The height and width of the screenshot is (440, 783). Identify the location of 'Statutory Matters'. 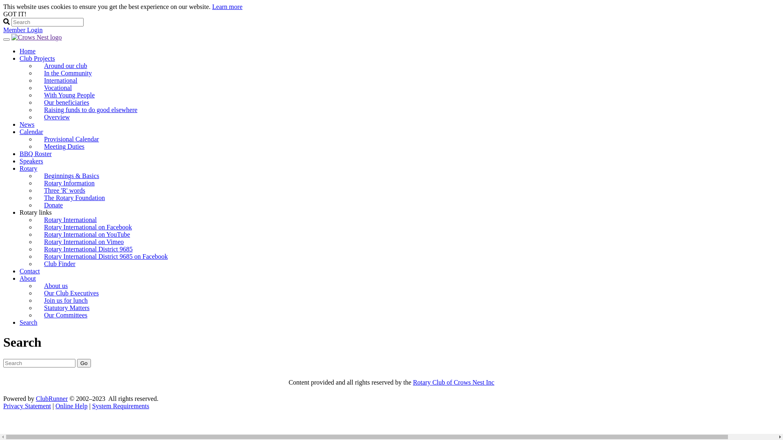
(35, 308).